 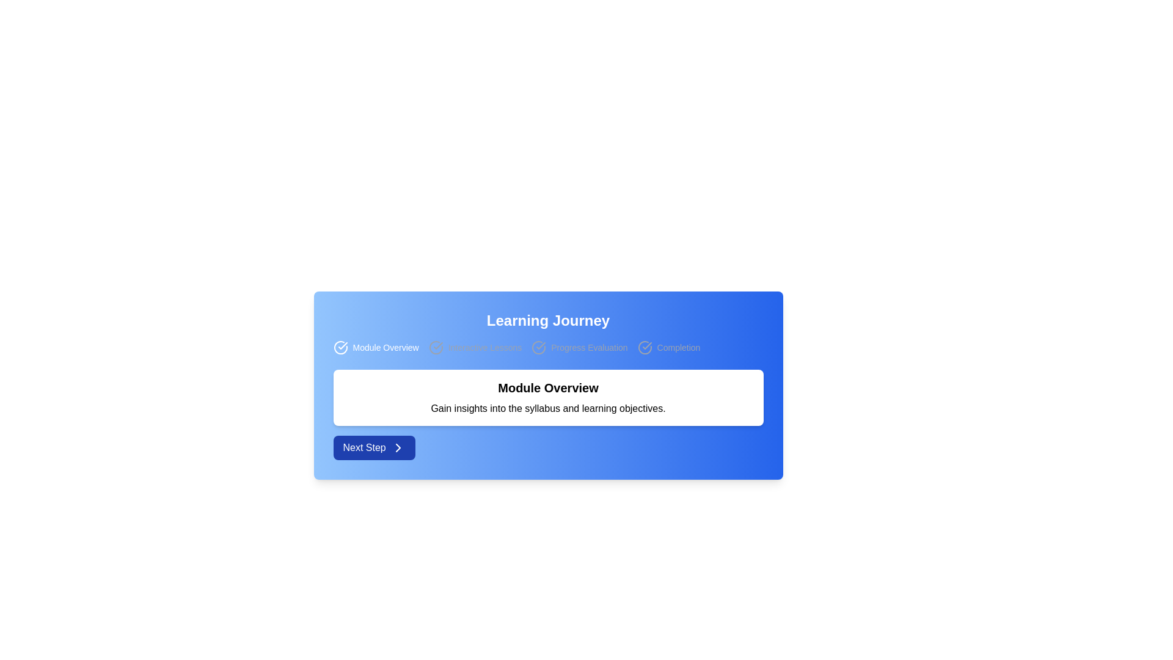 I want to click on the circular icon with a check mark inside it, which is the first icon in the row near the top of the module card, located to the left of the 'Module Overview' label, so click(x=340, y=348).